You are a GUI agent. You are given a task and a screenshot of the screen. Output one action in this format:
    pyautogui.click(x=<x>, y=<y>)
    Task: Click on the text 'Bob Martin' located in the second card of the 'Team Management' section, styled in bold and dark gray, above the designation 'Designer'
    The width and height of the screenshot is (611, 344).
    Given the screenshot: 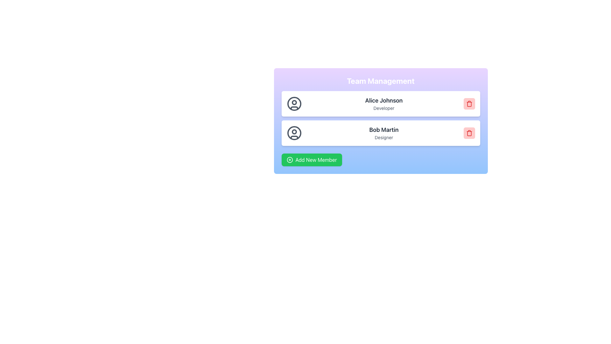 What is the action you would take?
    pyautogui.click(x=383, y=130)
    